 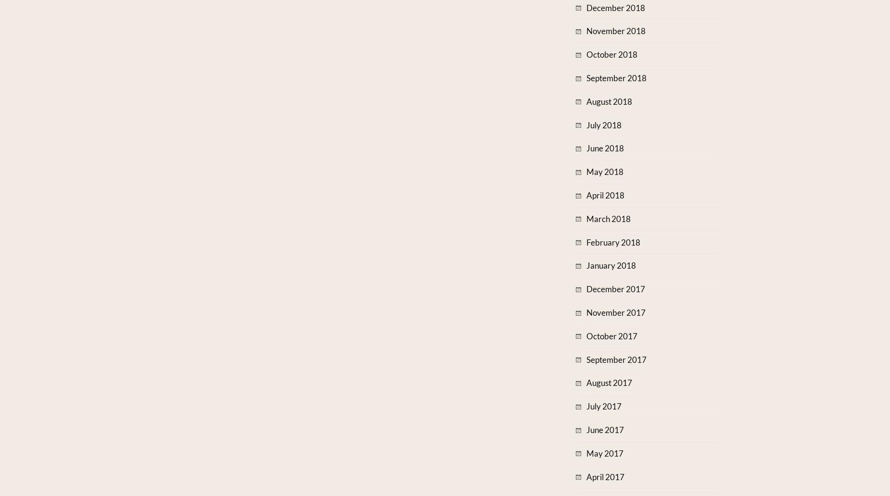 What do you see at coordinates (585, 429) in the screenshot?
I see `'June 2017'` at bounding box center [585, 429].